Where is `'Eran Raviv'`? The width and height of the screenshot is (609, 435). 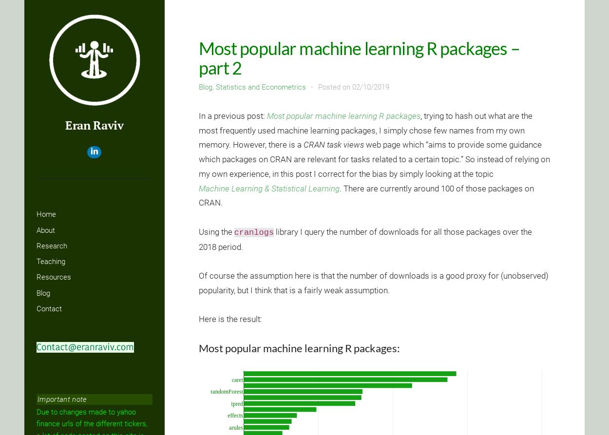 'Eran Raviv' is located at coordinates (94, 125).